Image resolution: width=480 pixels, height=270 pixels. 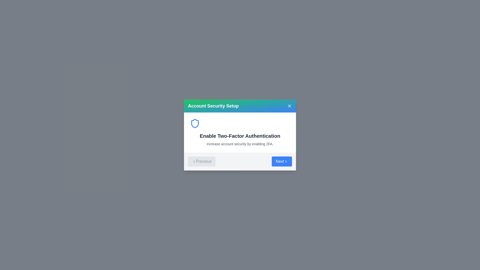 What do you see at coordinates (282, 161) in the screenshot?
I see `the 'Next' button located on the right side of the gray bar in the modal dialog` at bounding box center [282, 161].